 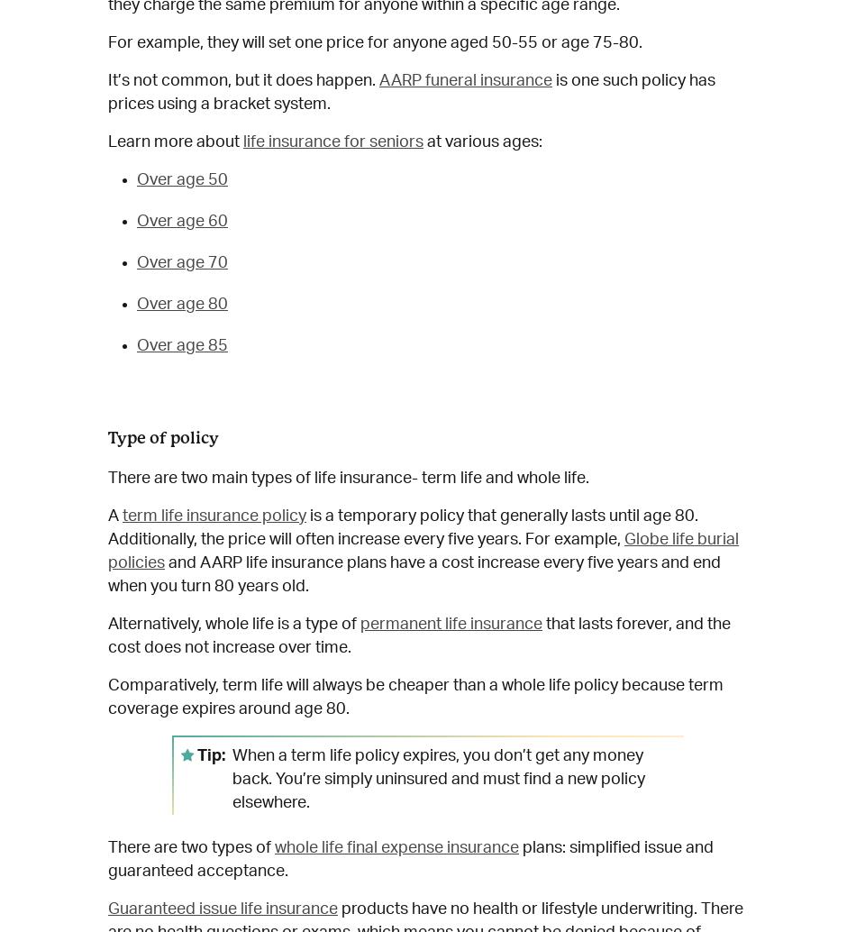 What do you see at coordinates (410, 858) in the screenshot?
I see `'plans: simplified issue and guaranteed acceptance.'` at bounding box center [410, 858].